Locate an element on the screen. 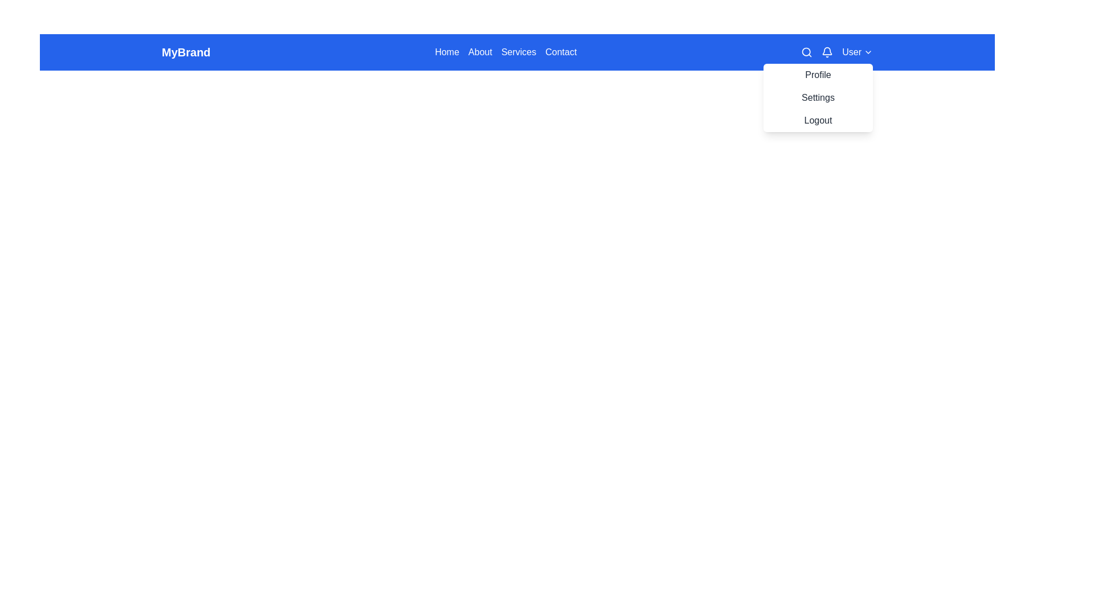 Image resolution: width=1094 pixels, height=615 pixels. the 'Services' hyperlink in the top-center navigation menu to visualize an underline is located at coordinates (518, 52).